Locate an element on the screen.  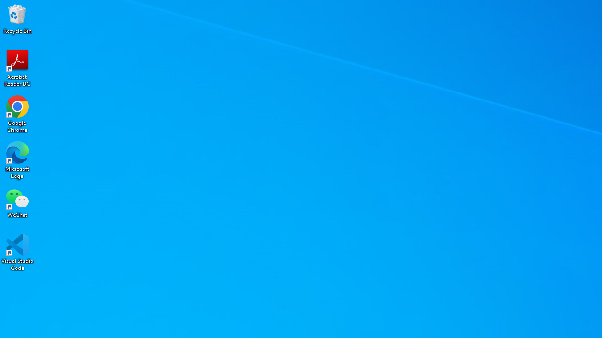
'Google Chrome' is located at coordinates (17, 114).